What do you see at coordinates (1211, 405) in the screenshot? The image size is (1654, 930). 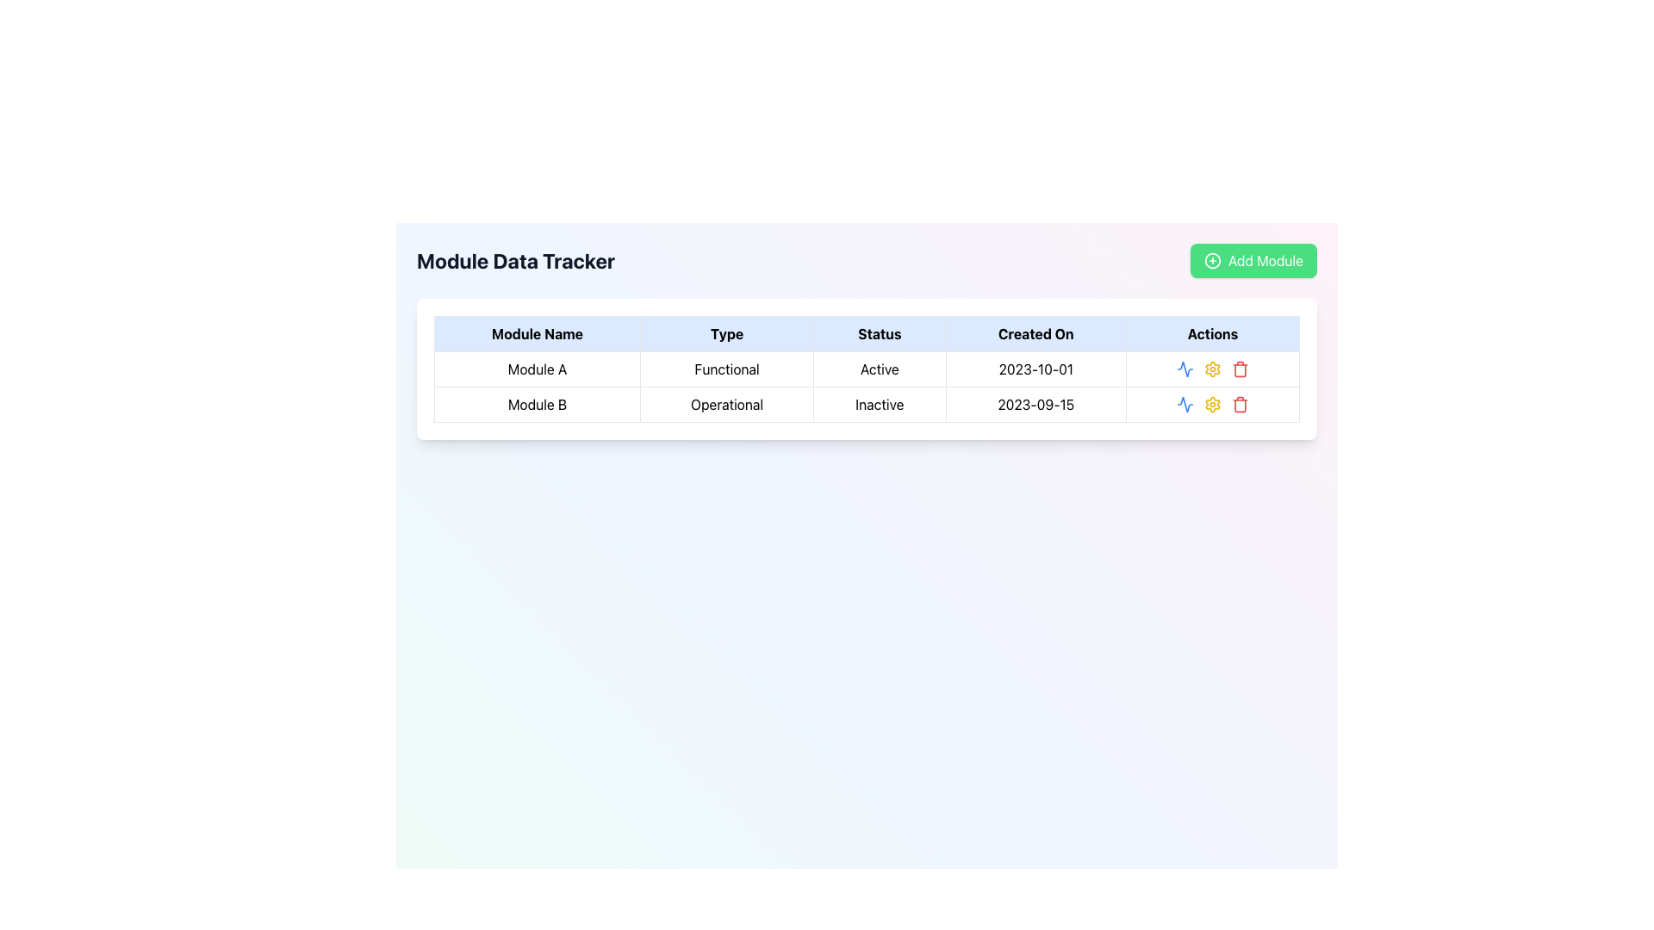 I see `the gear icon representing settings in the Actions column of the second row in the Module Data Tracker table` at bounding box center [1211, 405].